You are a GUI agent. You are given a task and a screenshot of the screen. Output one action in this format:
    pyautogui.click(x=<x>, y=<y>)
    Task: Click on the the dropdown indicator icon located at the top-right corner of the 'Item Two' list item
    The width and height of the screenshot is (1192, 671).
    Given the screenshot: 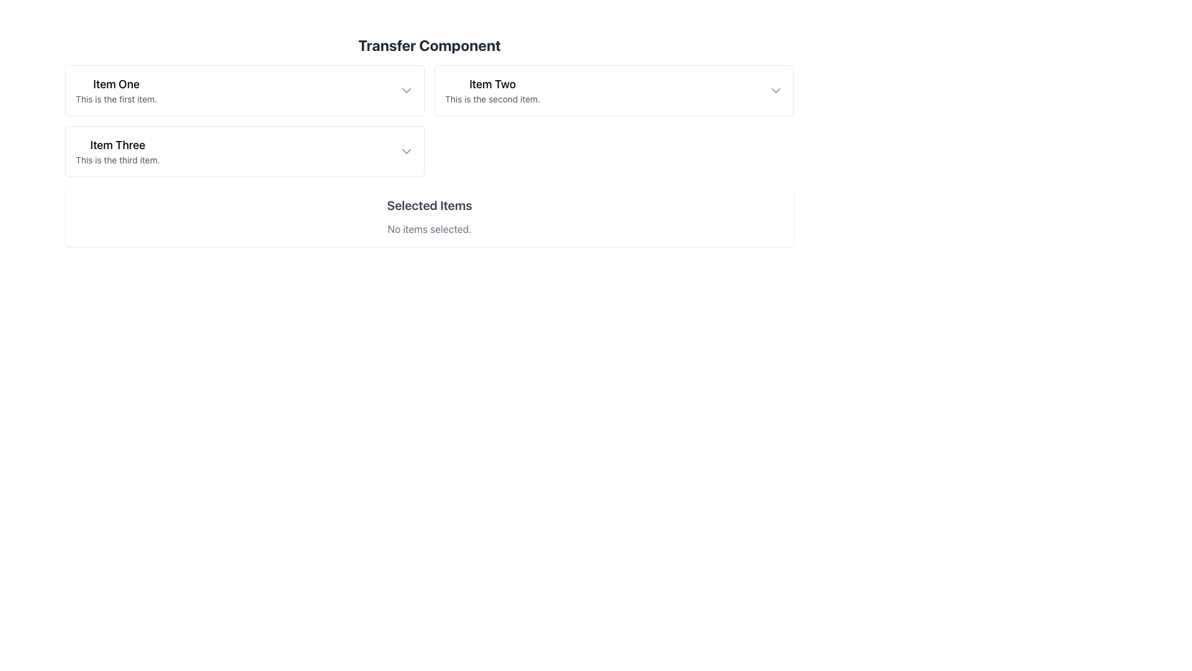 What is the action you would take?
    pyautogui.click(x=775, y=90)
    